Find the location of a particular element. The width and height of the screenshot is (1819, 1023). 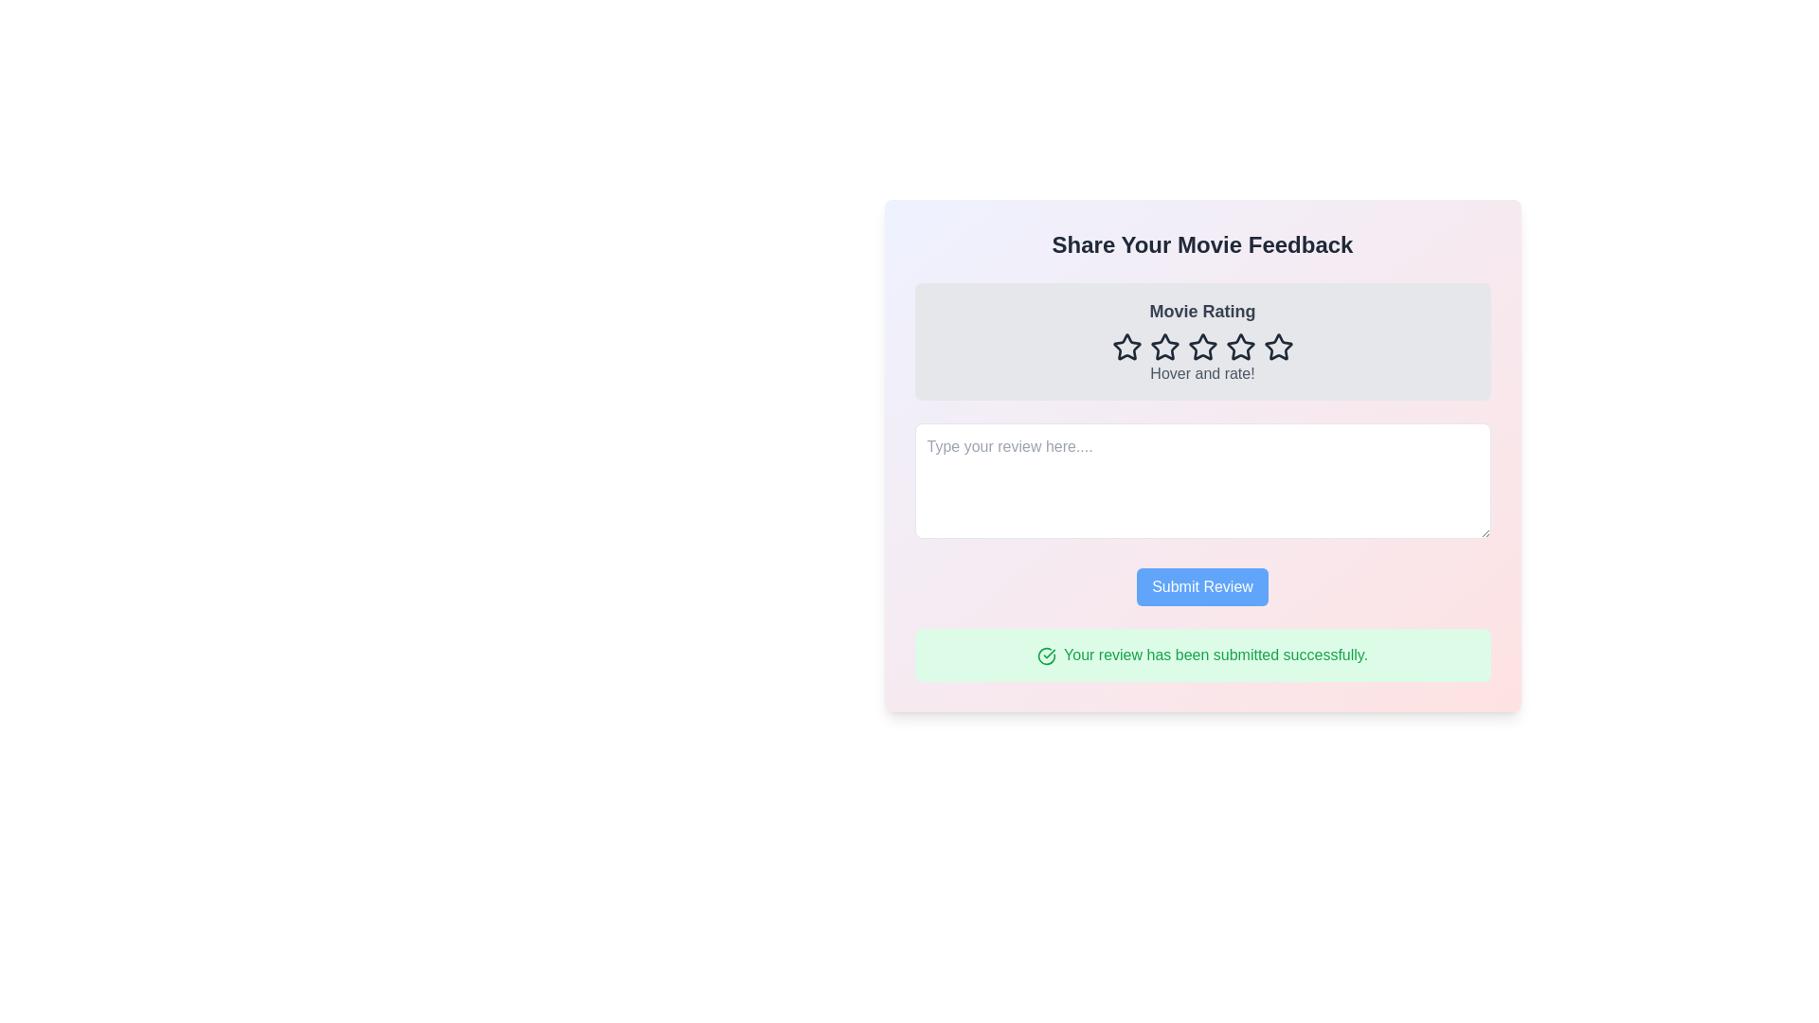

the success icon located within the green background message box at the bottom of the main interface is located at coordinates (1045, 655).